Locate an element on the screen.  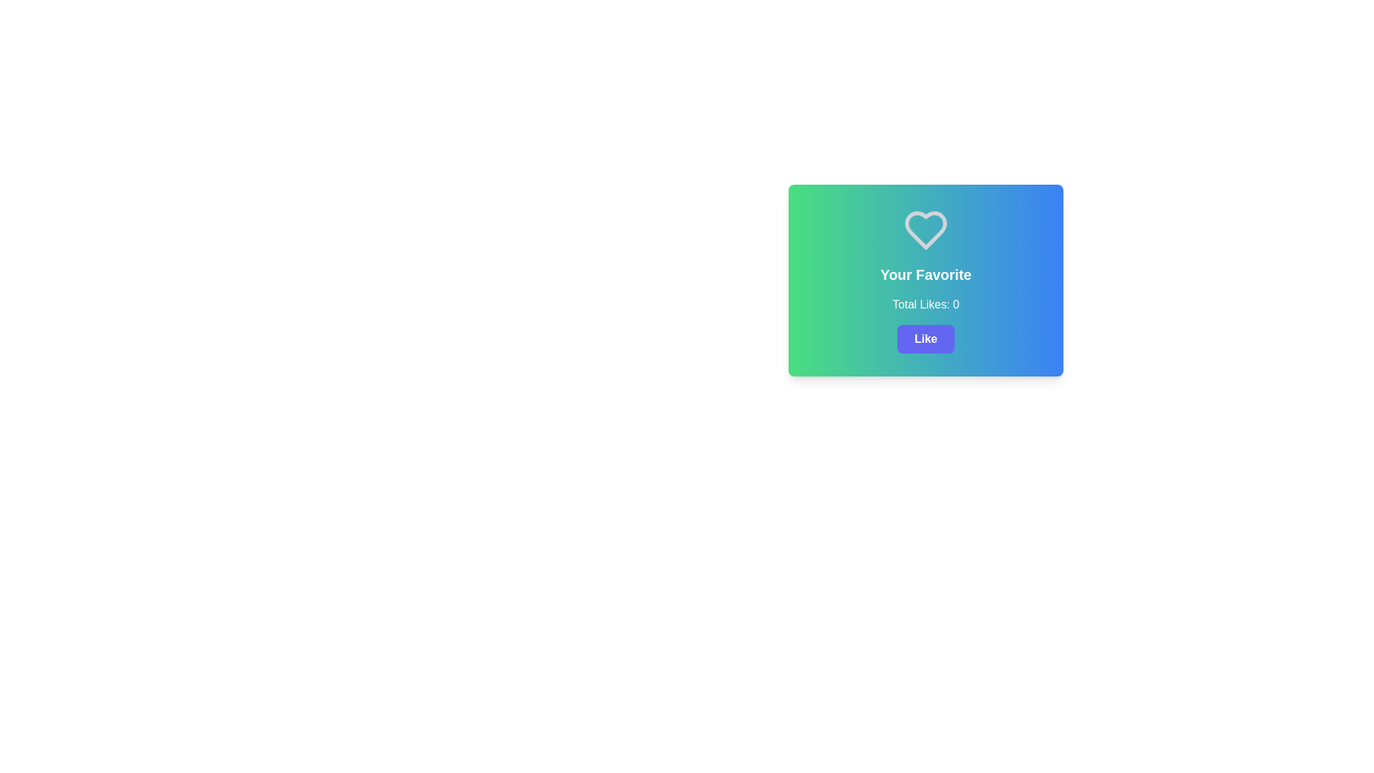
the heart-shaped icon used for favoriting or liking content, which is centrally located above the 'Your Favorite' text and 'Like' button is located at coordinates (926, 229).